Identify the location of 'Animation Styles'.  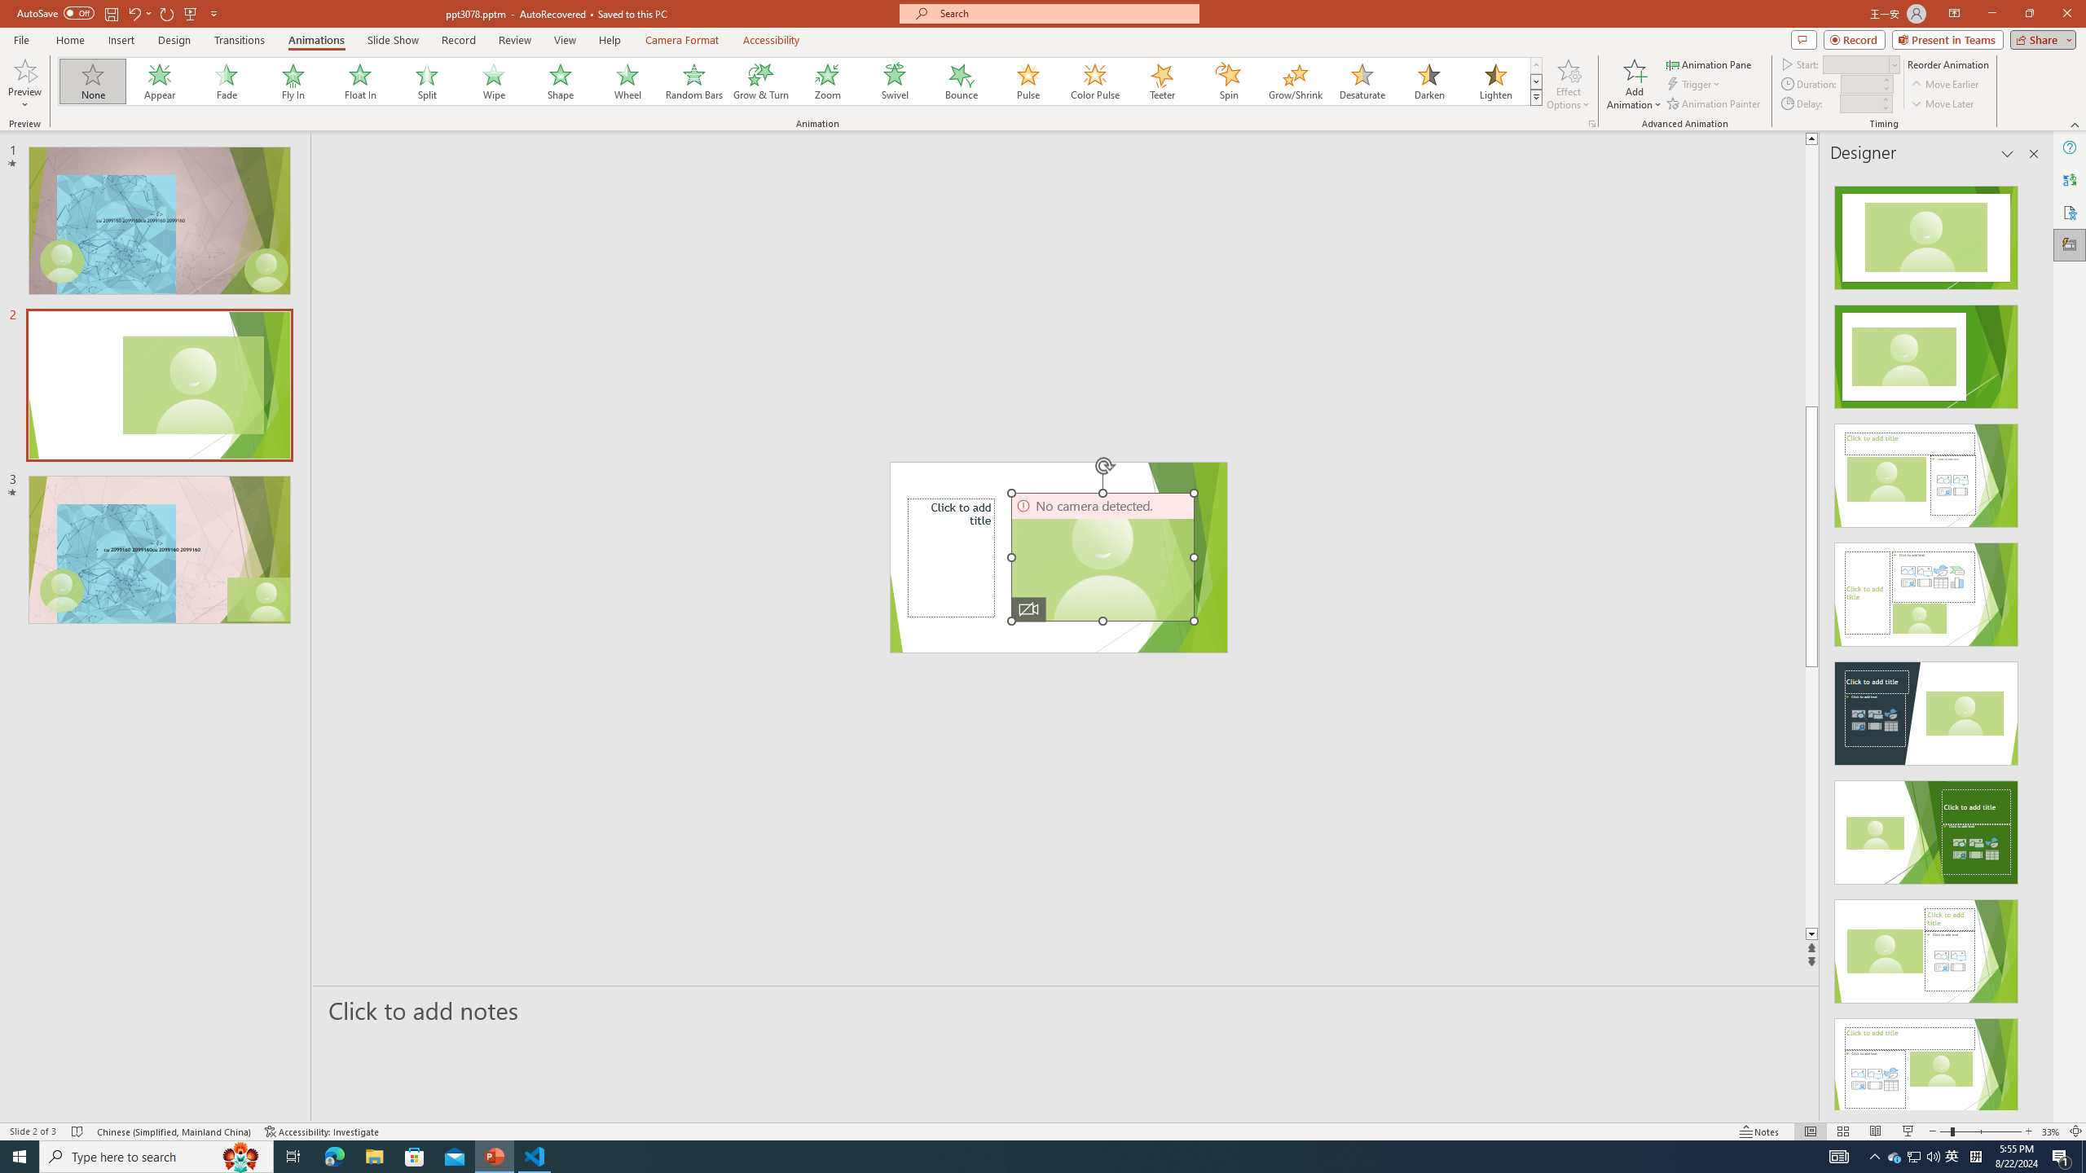
(1535, 96).